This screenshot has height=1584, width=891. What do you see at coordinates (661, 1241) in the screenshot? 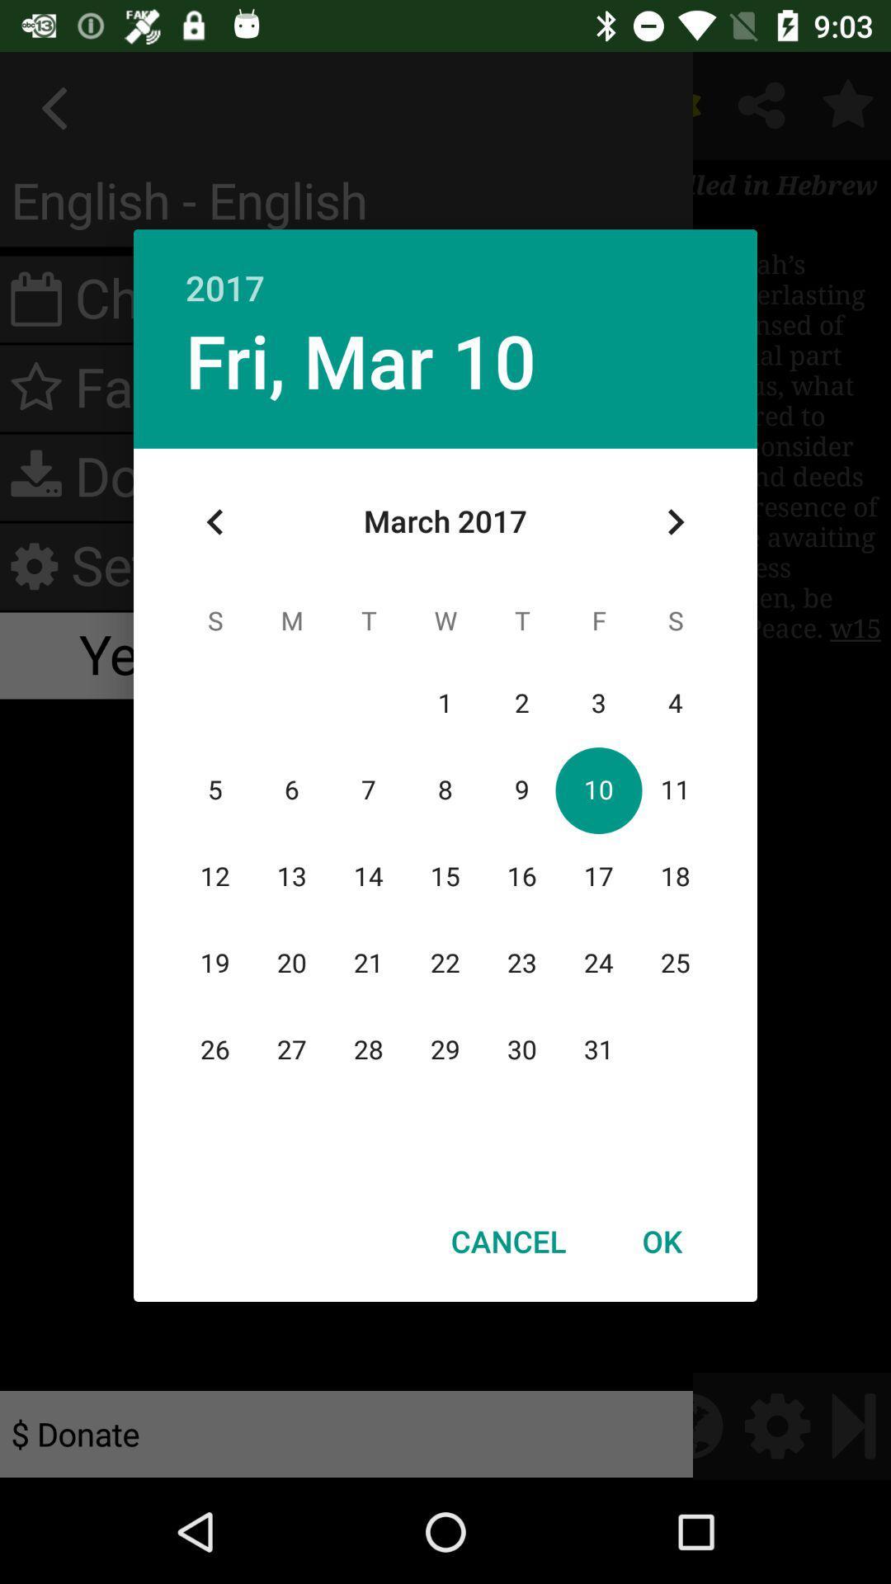
I see `the button to the right of cancel icon` at bounding box center [661, 1241].